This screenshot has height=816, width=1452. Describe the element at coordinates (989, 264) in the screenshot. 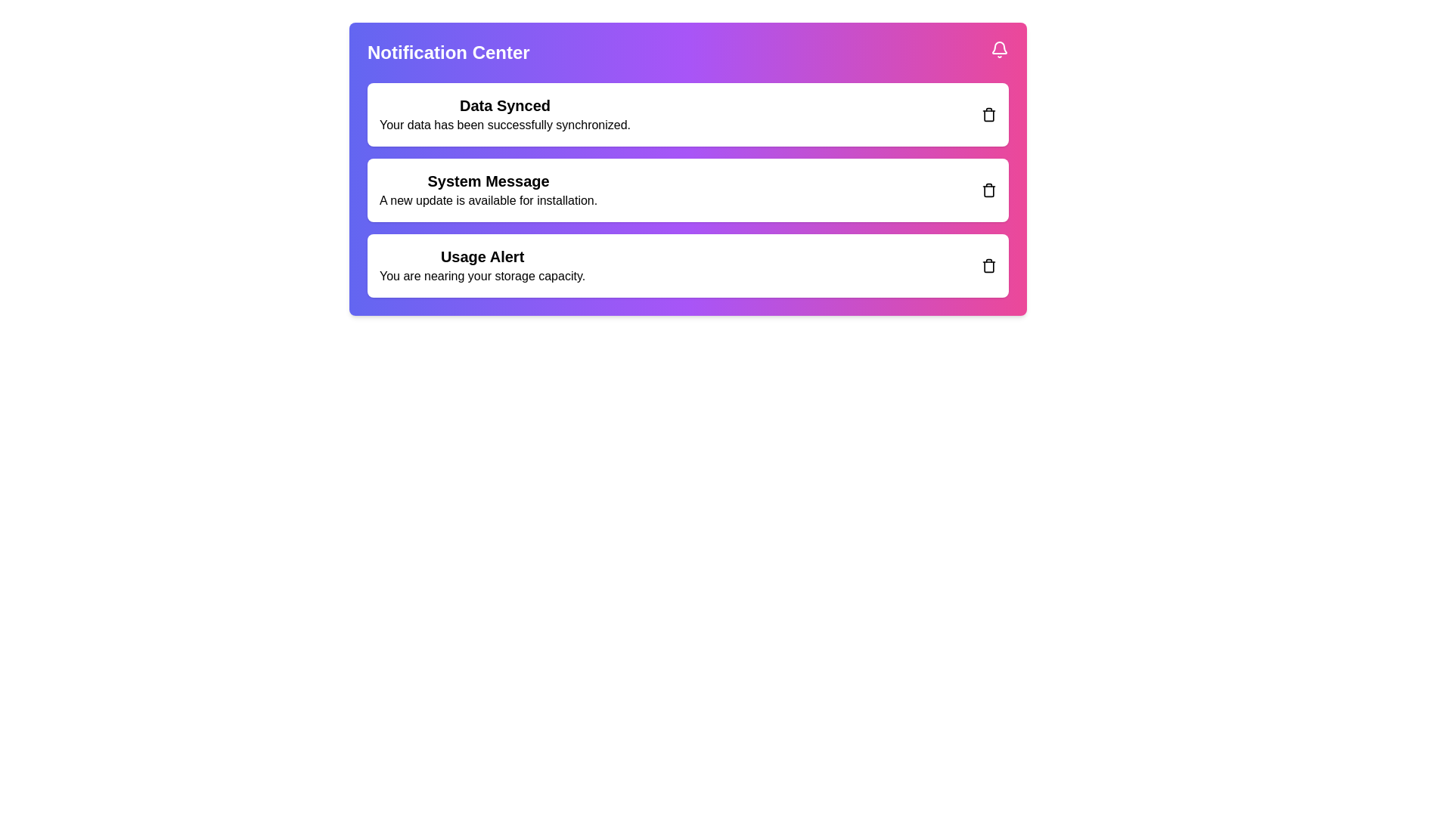

I see `the trash bin icon located on the right-hand side of the usage alert notification` at that location.